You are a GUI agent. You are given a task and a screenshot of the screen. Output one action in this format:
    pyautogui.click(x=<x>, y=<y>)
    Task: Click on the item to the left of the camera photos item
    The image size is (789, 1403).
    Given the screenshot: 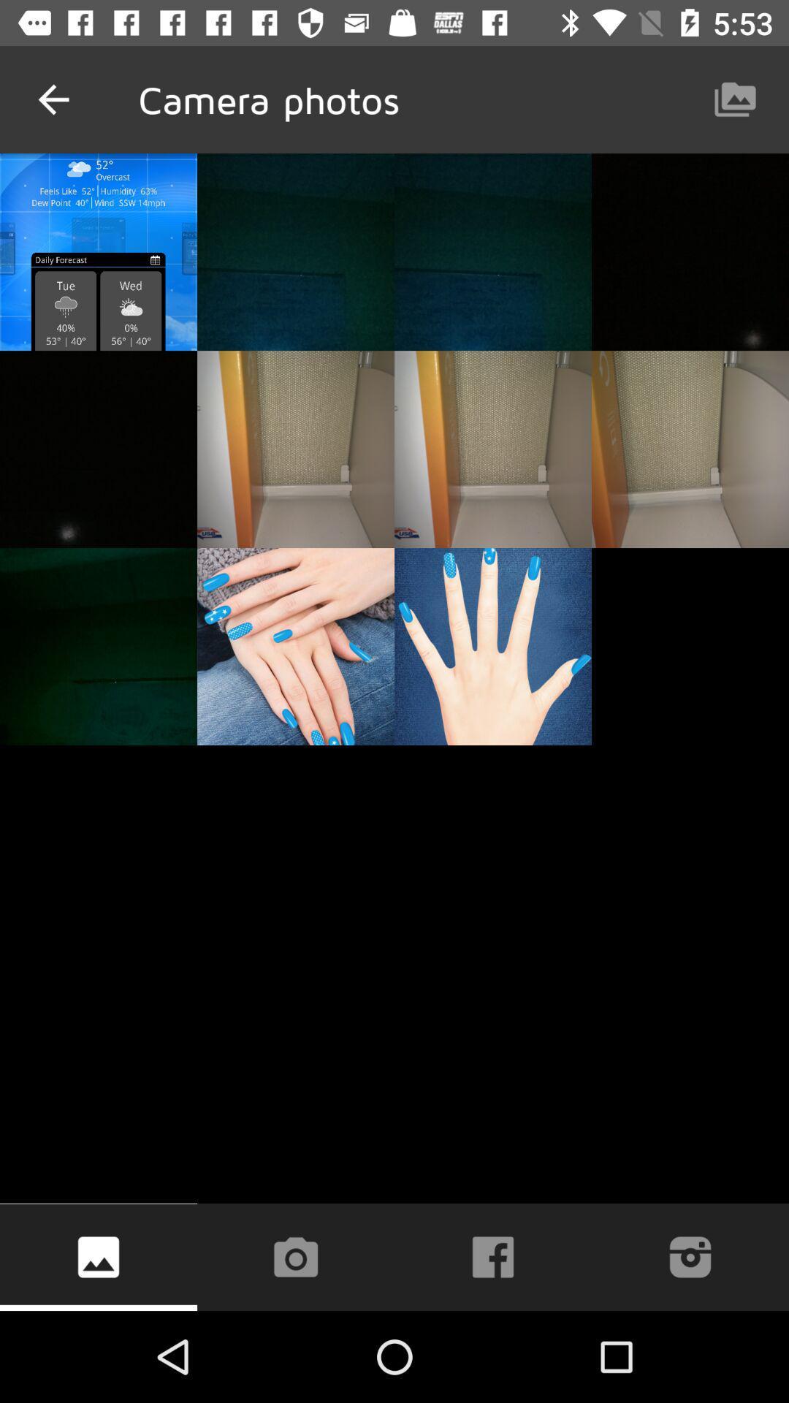 What is the action you would take?
    pyautogui.click(x=53, y=99)
    